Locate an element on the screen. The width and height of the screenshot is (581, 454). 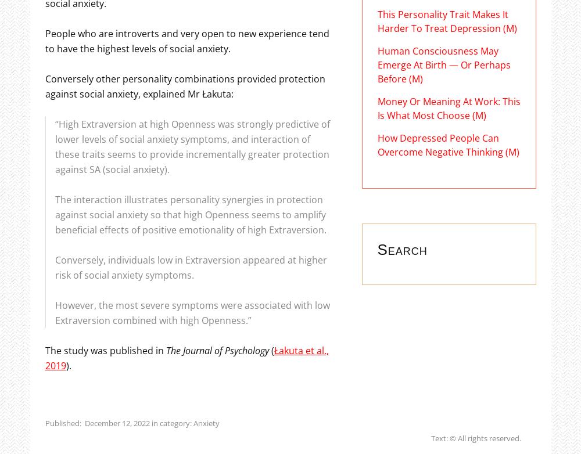
'Money Or Meaning At Work: This Is What Most Choose (M)' is located at coordinates (449, 108).